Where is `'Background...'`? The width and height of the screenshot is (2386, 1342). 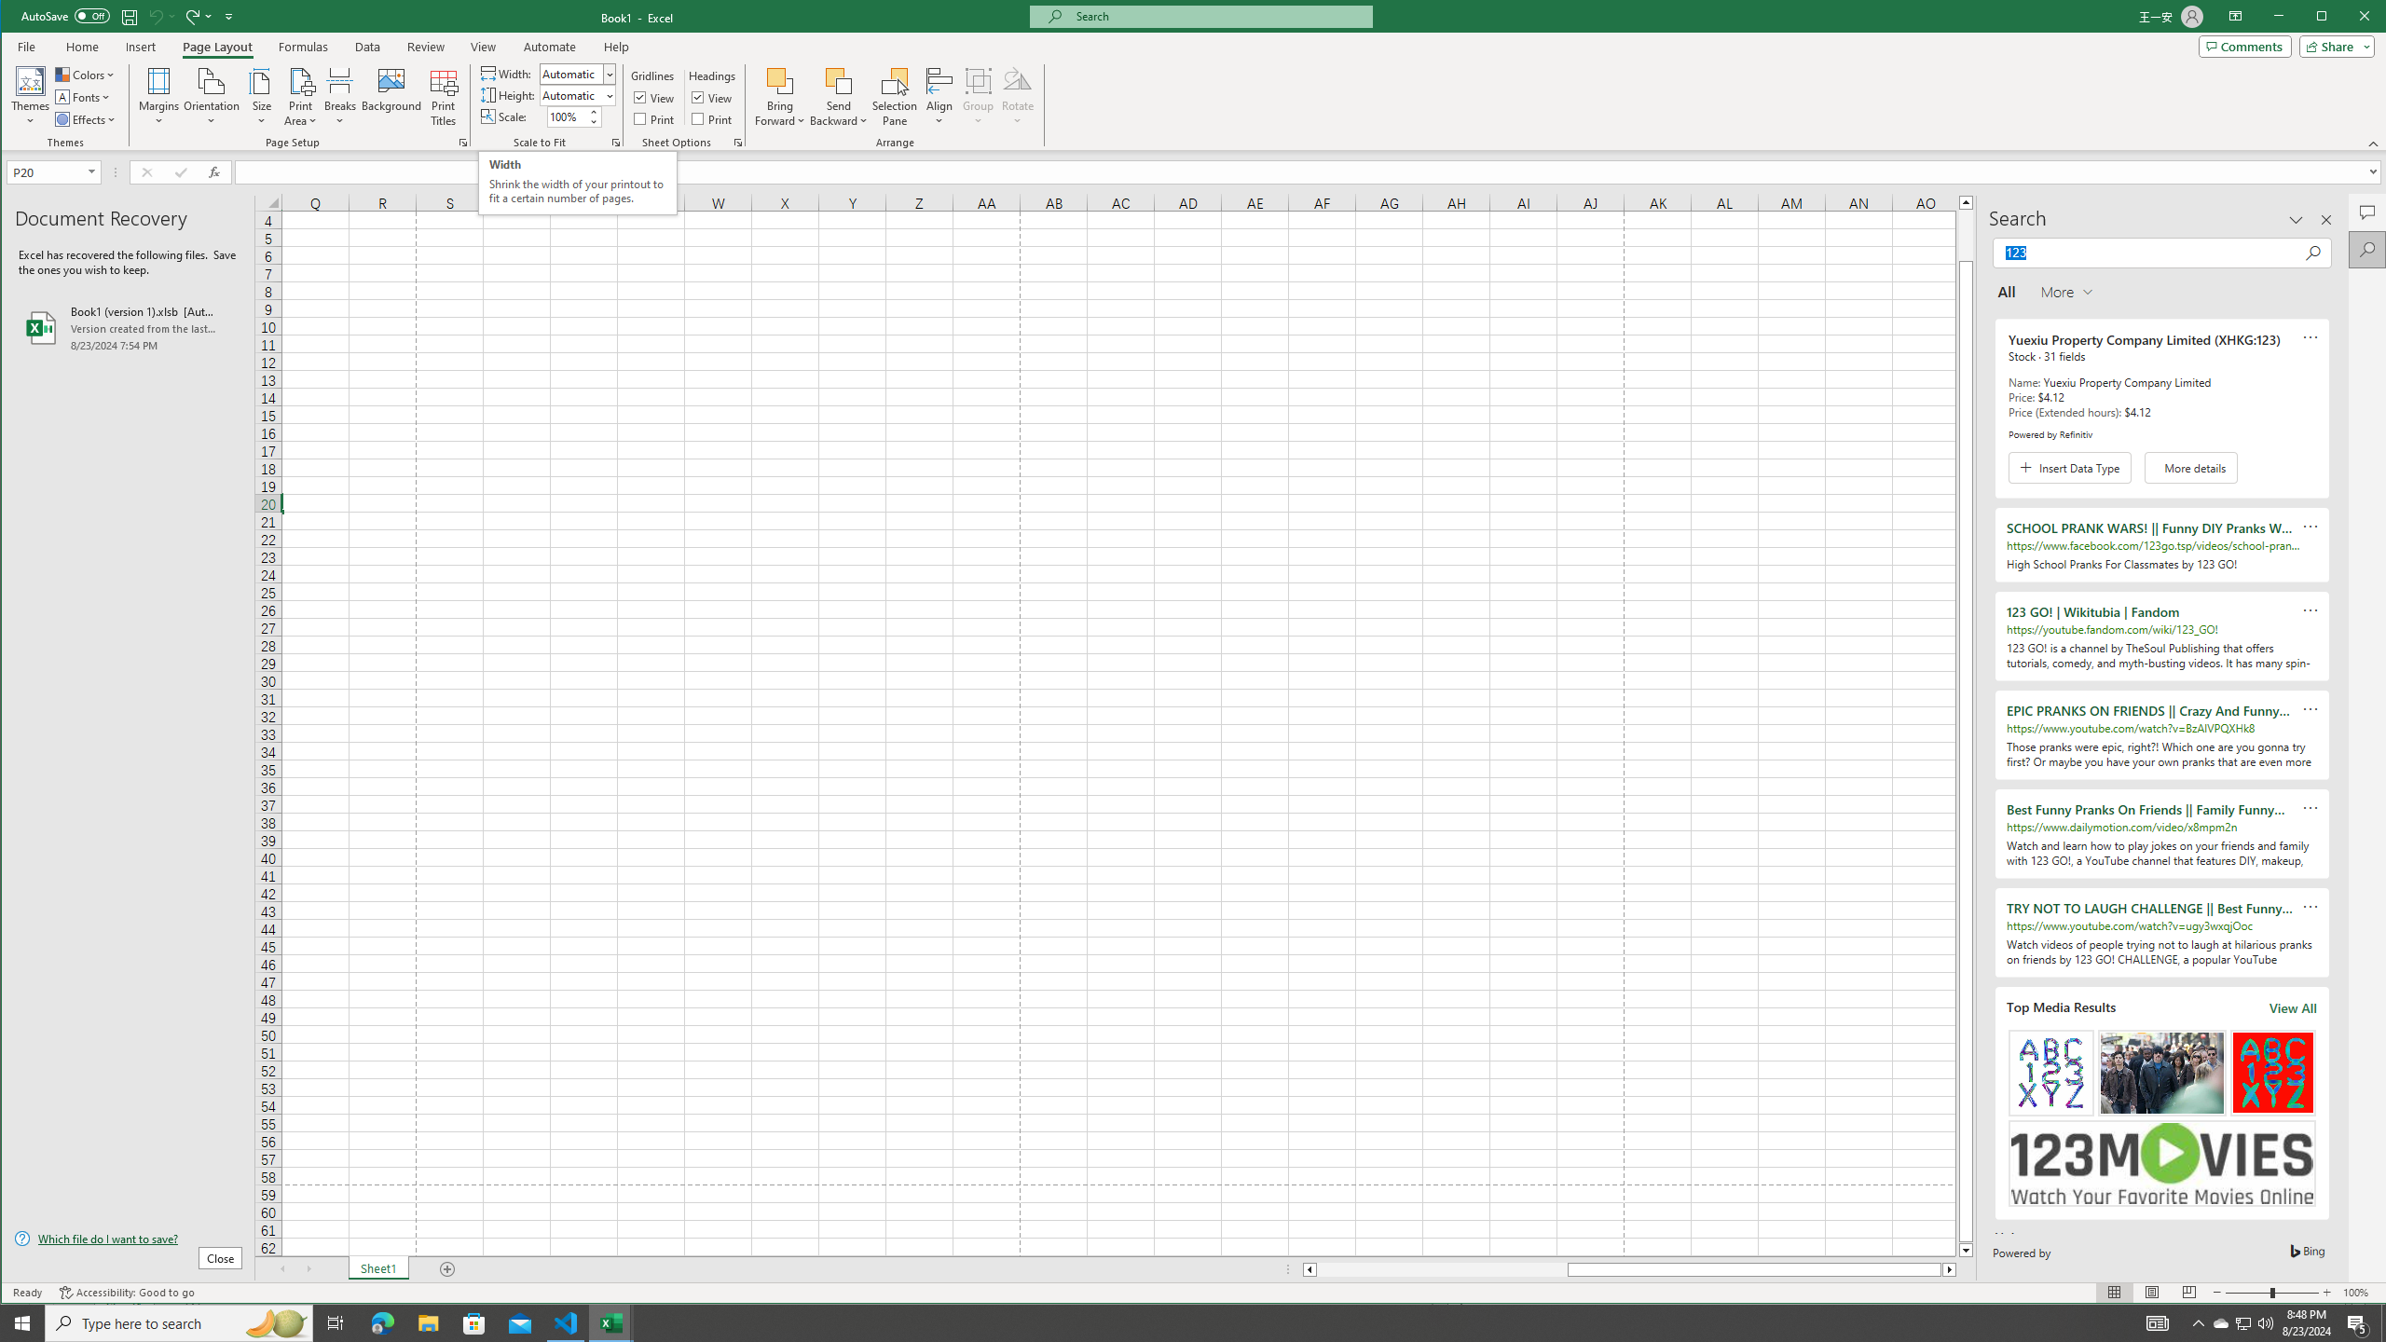
'Background...' is located at coordinates (391, 96).